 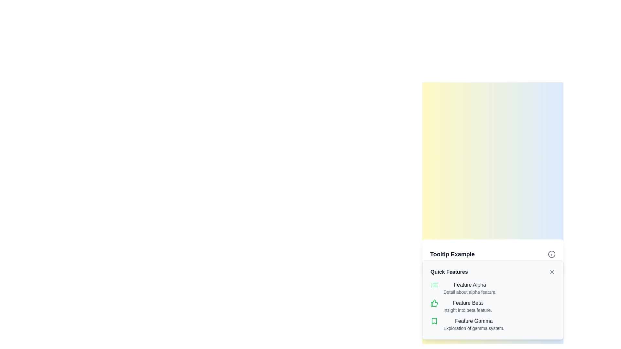 What do you see at coordinates (552, 272) in the screenshot?
I see `the 'X' icon button in light gray located in the top-right corner of the 'Quick Features' section` at bounding box center [552, 272].